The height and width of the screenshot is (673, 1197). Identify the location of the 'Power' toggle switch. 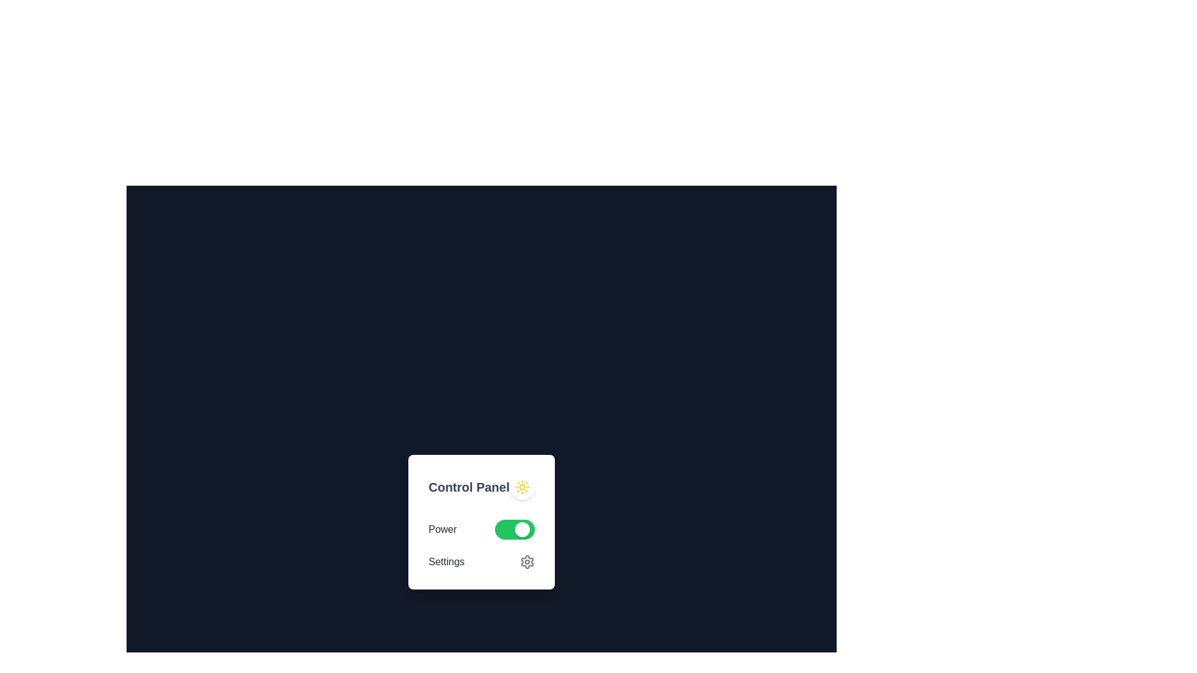
(481, 529).